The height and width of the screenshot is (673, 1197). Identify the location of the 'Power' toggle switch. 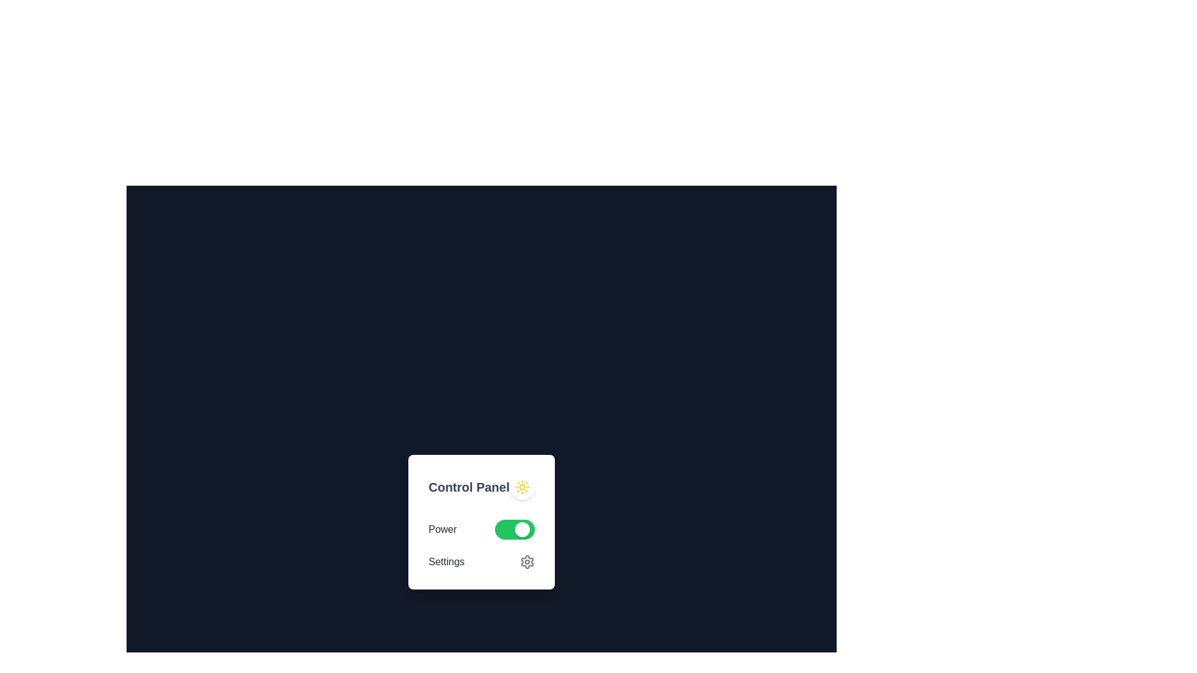
(481, 529).